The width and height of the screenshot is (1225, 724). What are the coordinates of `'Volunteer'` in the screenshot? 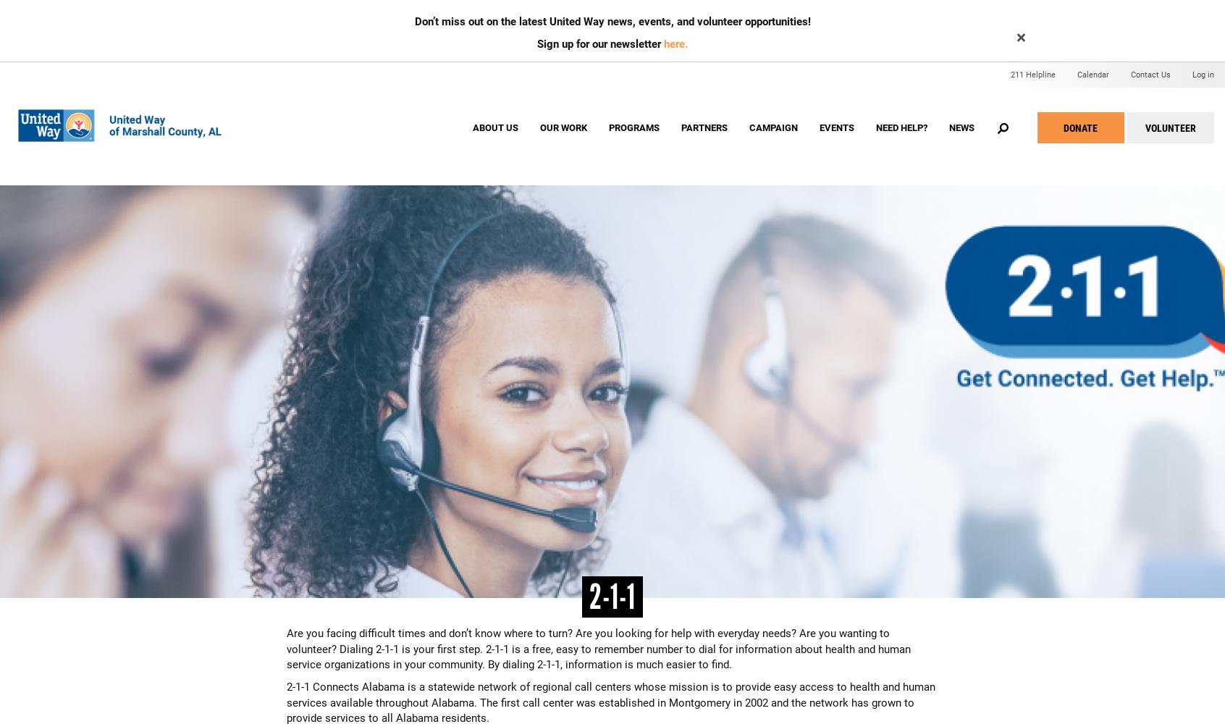 It's located at (1144, 127).